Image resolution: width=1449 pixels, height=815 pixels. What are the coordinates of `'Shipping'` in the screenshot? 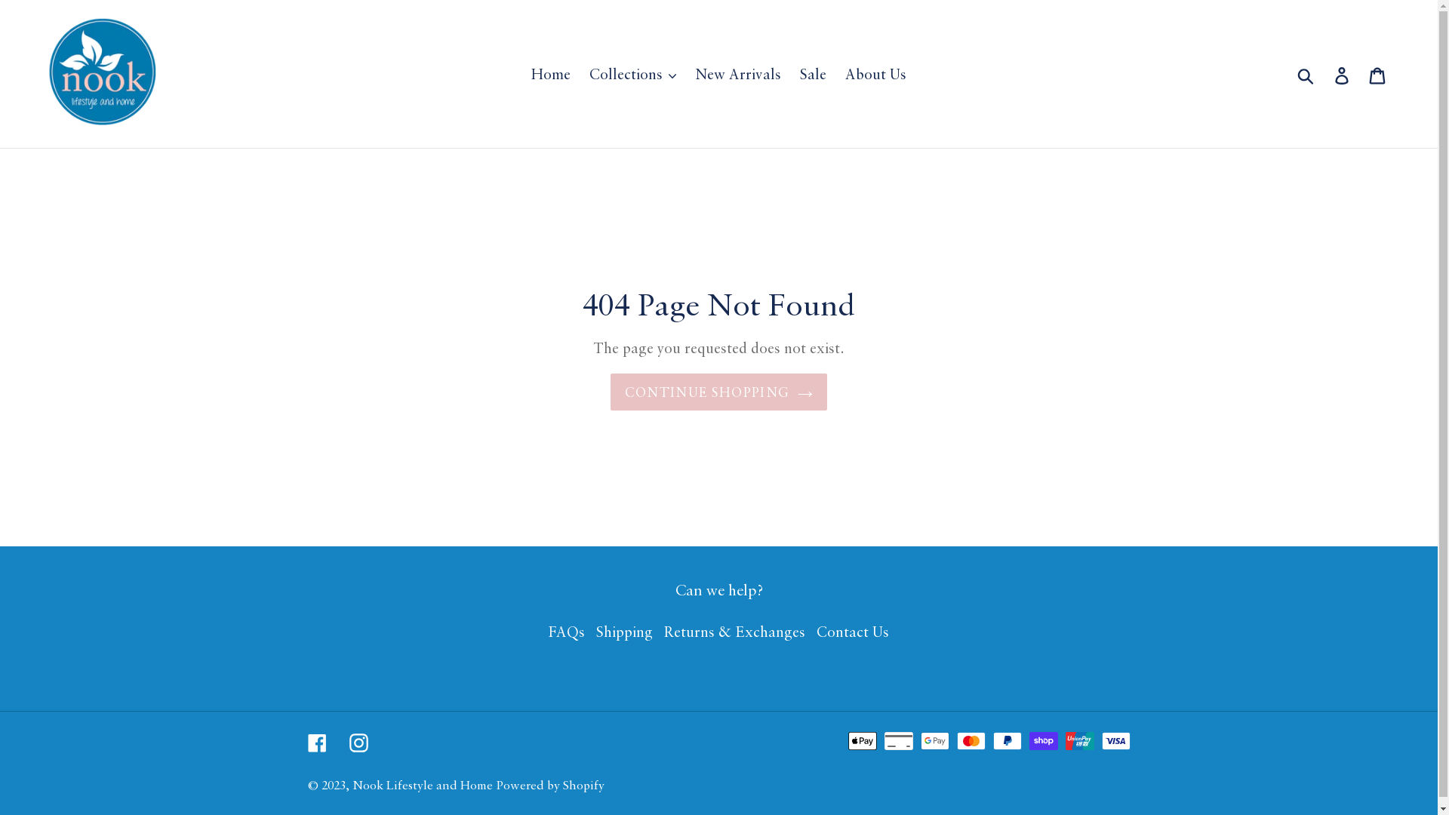 It's located at (624, 631).